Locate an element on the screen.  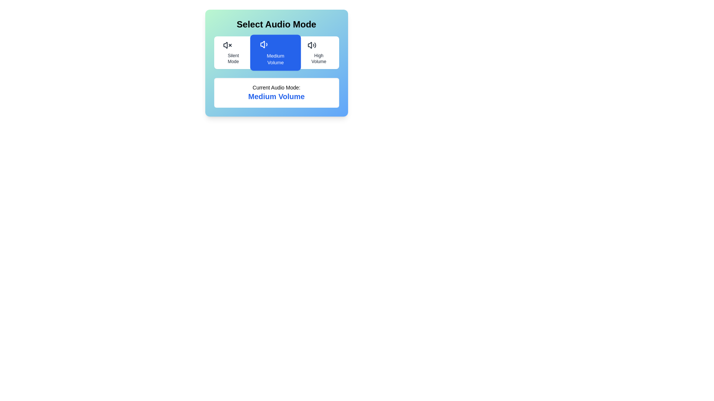
the audio mode Medium Volume by clicking the corresponding button is located at coordinates (275, 52).